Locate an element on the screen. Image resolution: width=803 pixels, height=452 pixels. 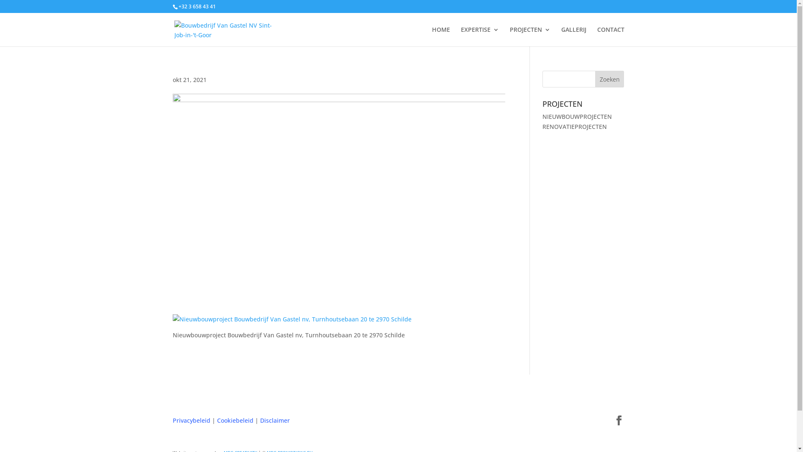
'HOME' is located at coordinates (440, 36).